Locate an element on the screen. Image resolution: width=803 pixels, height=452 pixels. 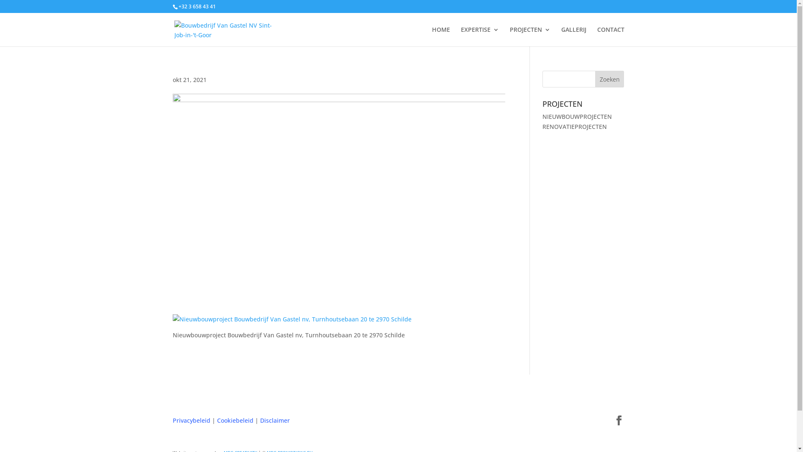
'HOME' is located at coordinates (440, 36).